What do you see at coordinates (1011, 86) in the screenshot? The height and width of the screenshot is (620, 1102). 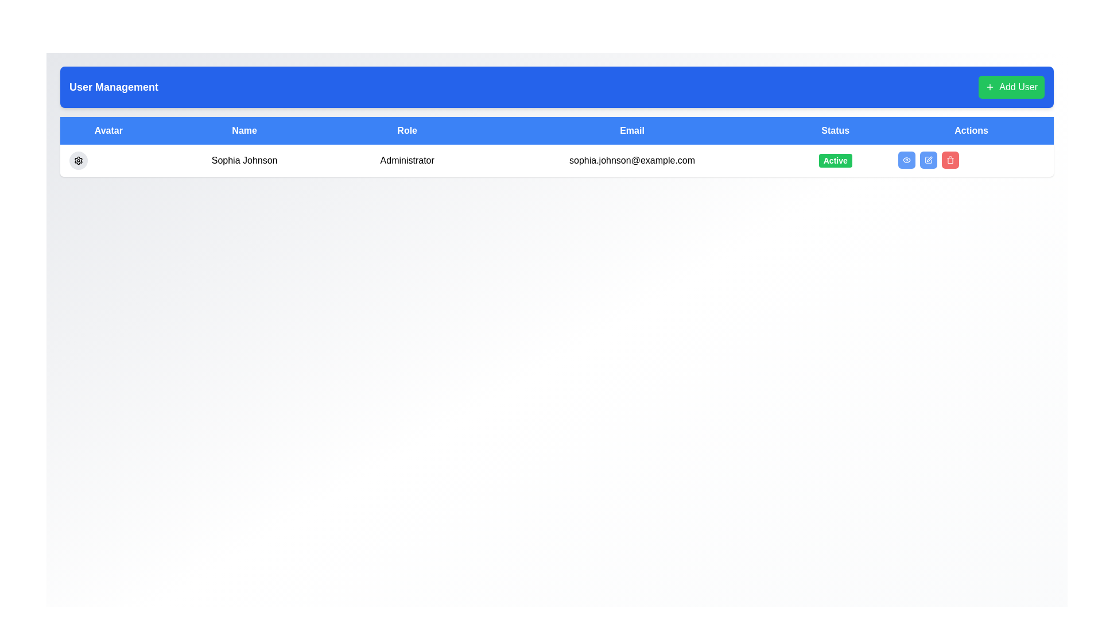 I see `the 'Add User' button located in the header section of the 'User Management' panel to initiate the user addition process` at bounding box center [1011, 86].